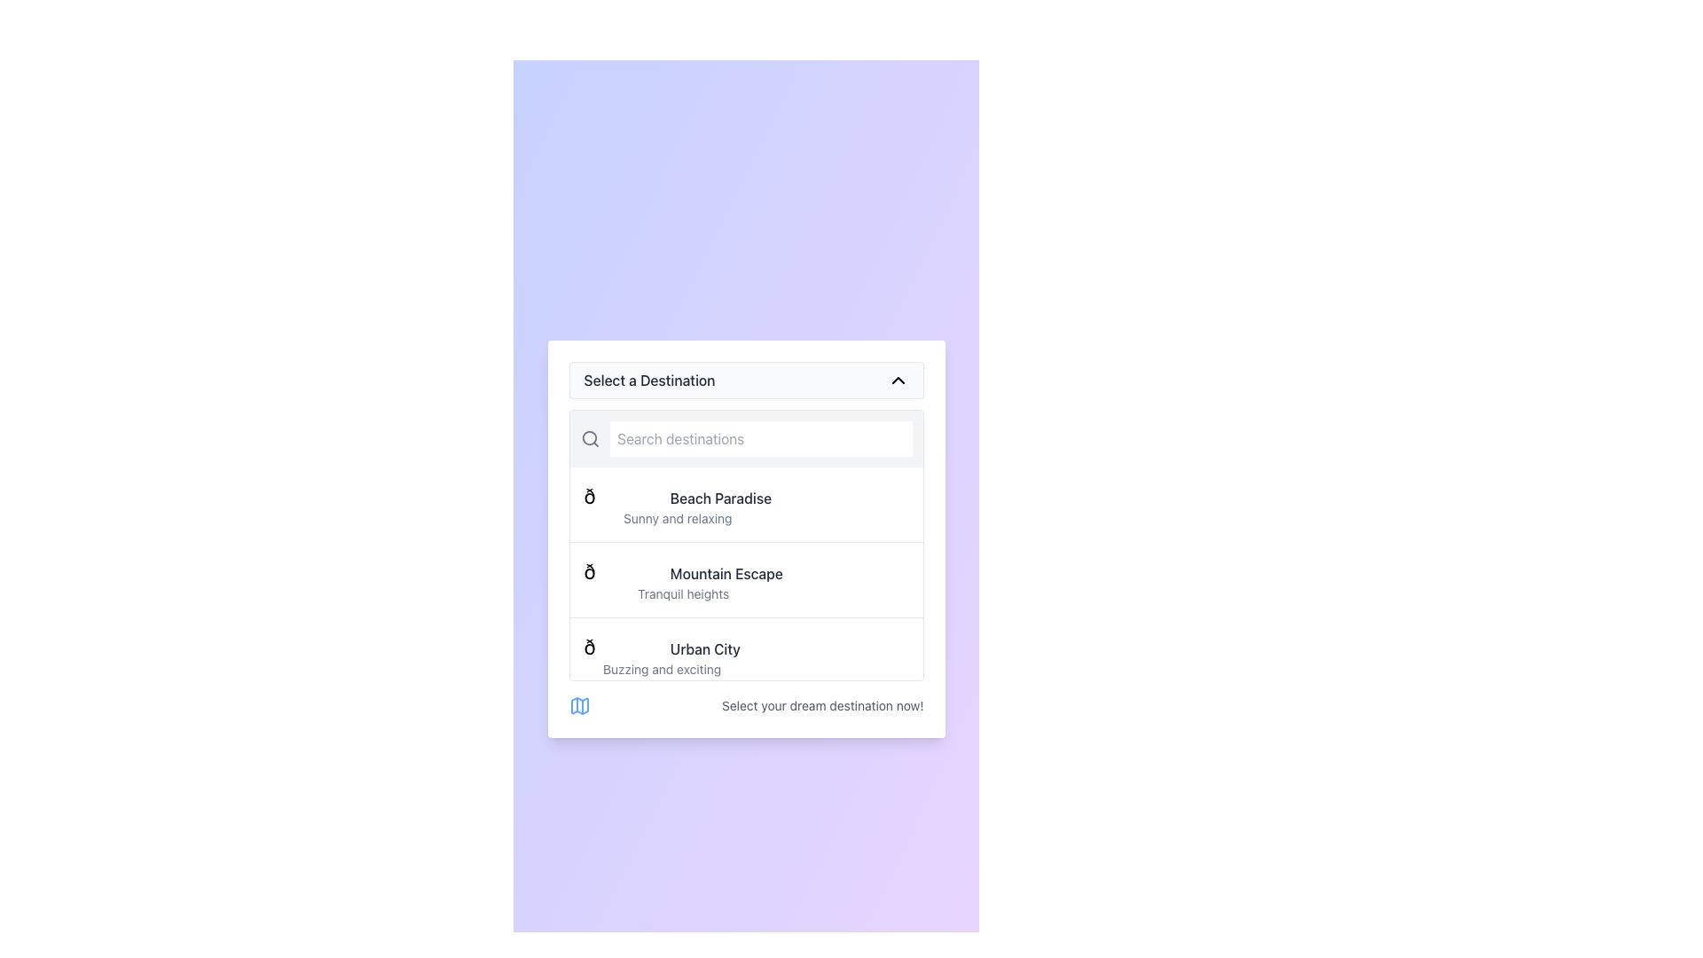  What do you see at coordinates (746, 379) in the screenshot?
I see `the Dropdown menu header that has a light gray background, rounded corners, and contains the text 'Select a Destination' with a downward chevron icon` at bounding box center [746, 379].